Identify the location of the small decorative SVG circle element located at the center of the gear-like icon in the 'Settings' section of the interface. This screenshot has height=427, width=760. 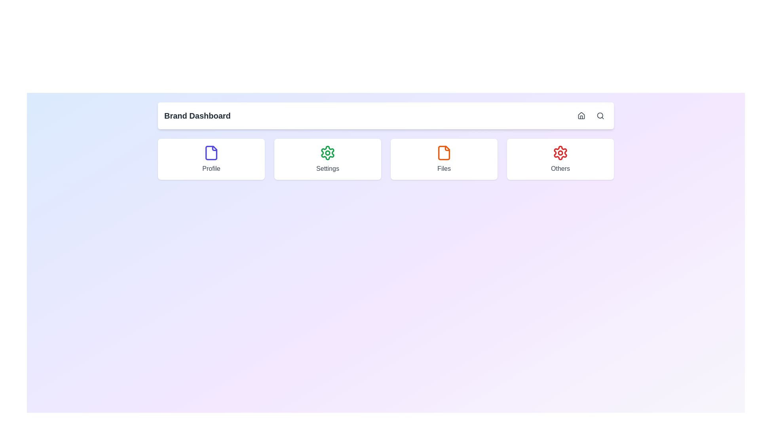
(328, 153).